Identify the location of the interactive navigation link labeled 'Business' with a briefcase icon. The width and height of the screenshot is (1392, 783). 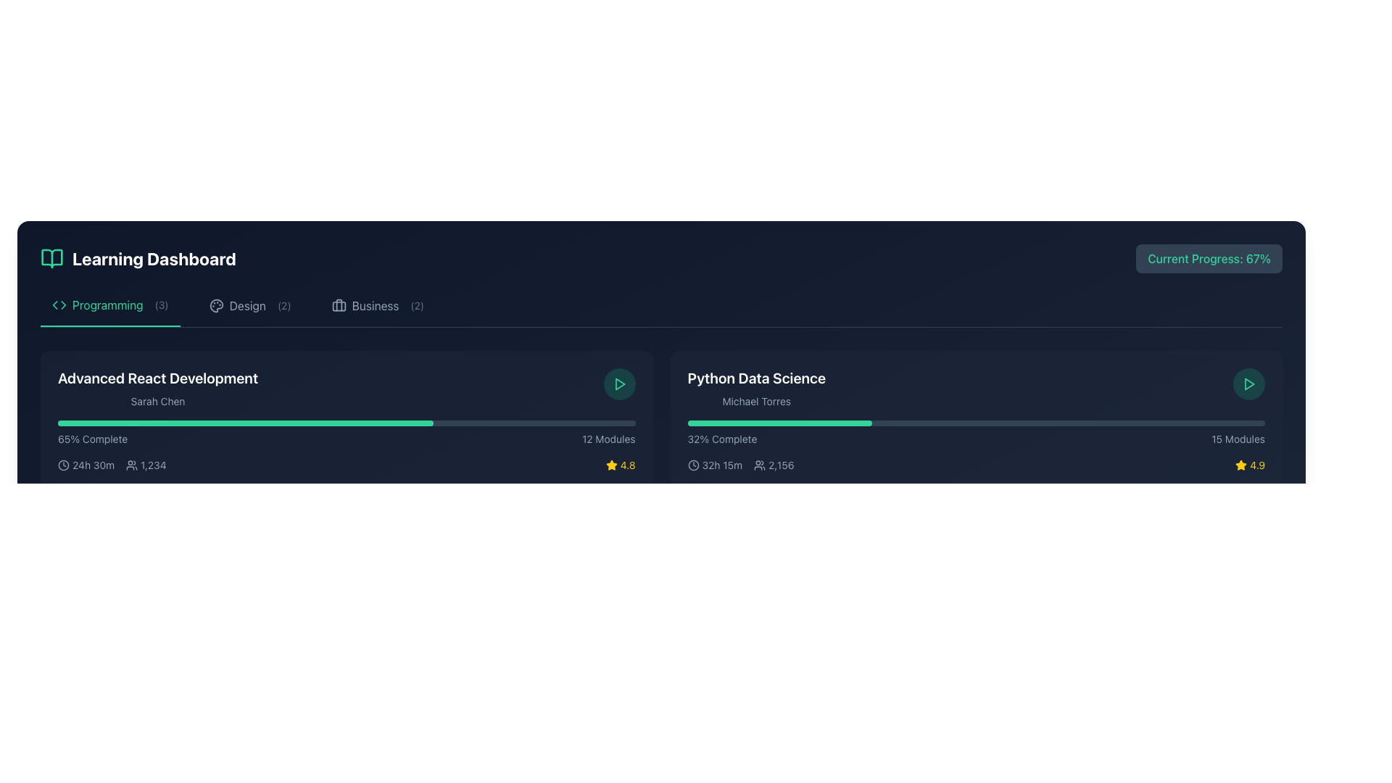
(378, 310).